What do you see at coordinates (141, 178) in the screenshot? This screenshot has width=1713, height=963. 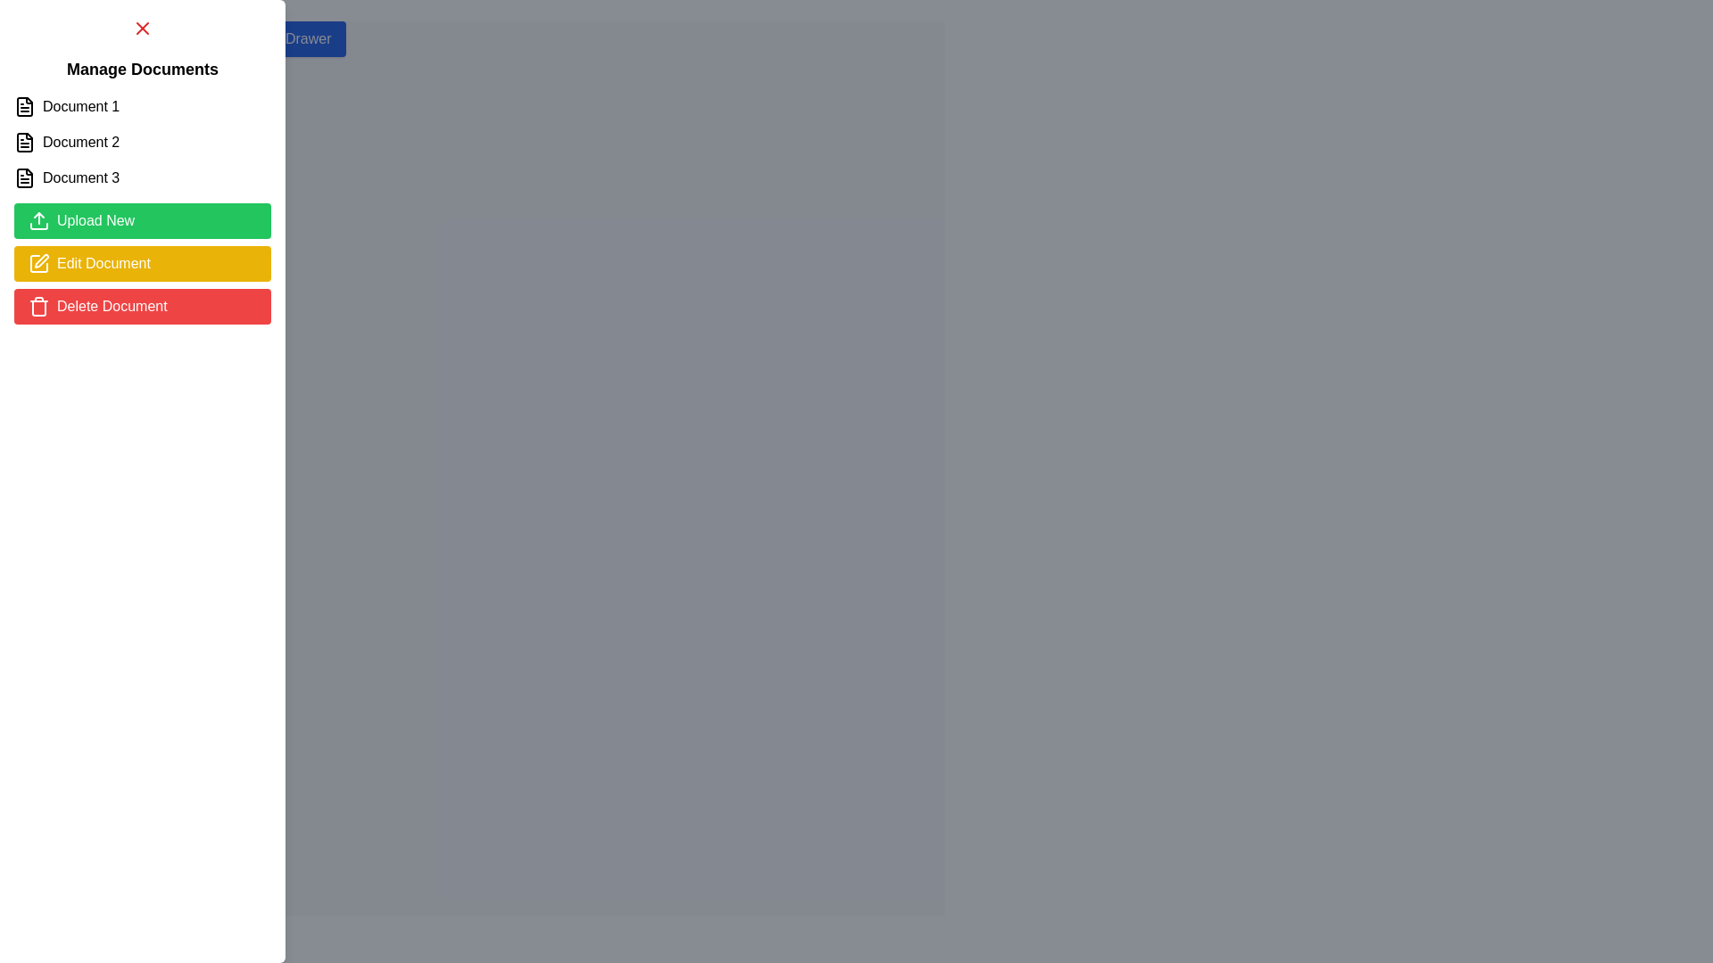 I see `the list item representing 'Document 3'` at bounding box center [141, 178].